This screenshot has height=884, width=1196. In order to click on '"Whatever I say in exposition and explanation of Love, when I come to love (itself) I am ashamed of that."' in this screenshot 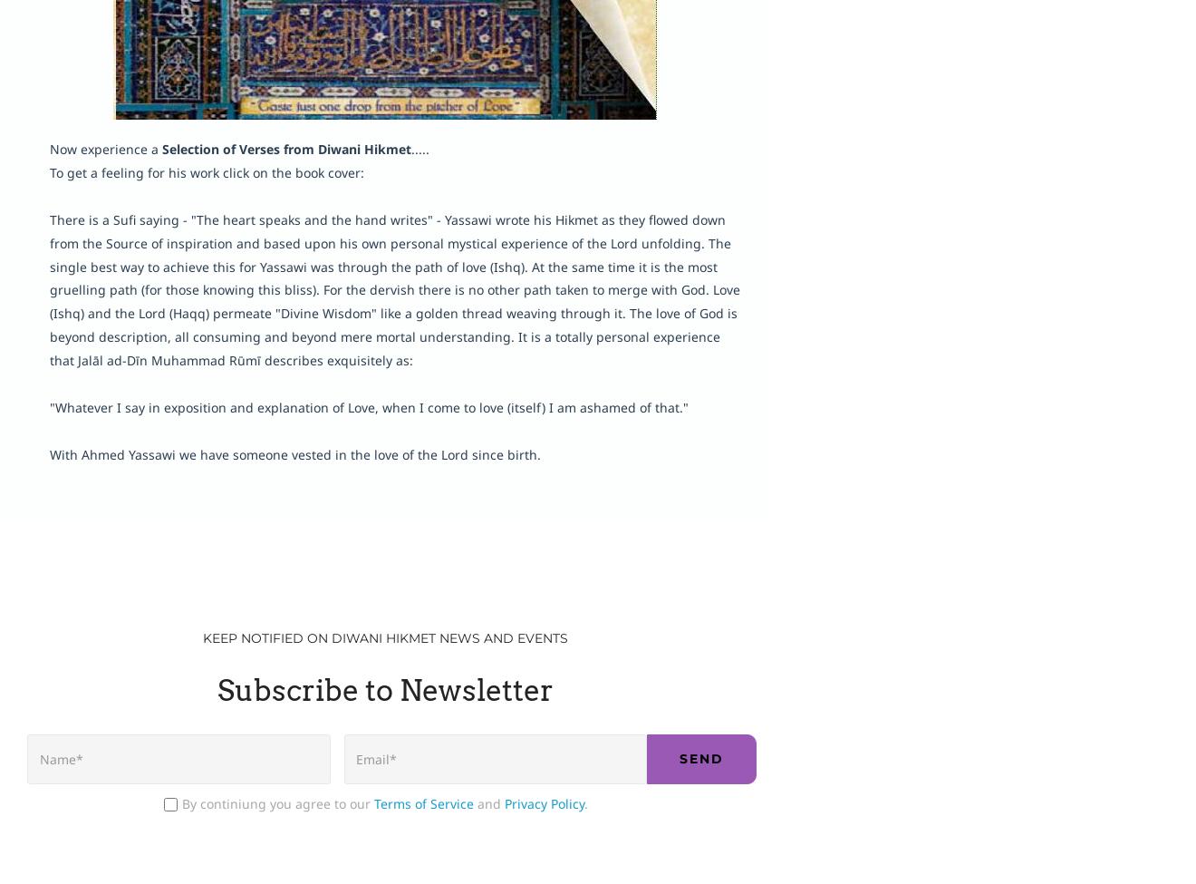, I will do `click(368, 406)`.